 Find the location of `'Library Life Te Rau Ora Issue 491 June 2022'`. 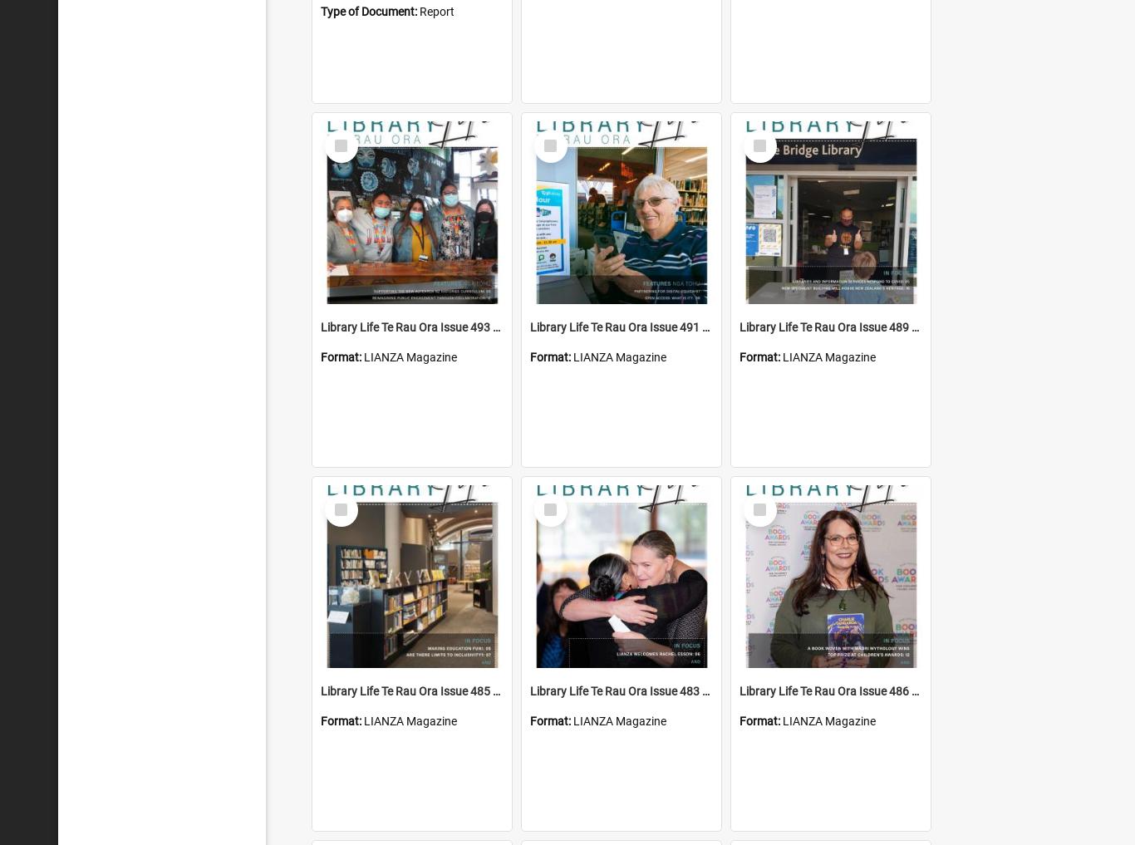

'Library Life Te Rau Ora Issue 491 June 2022' is located at coordinates (643, 326).